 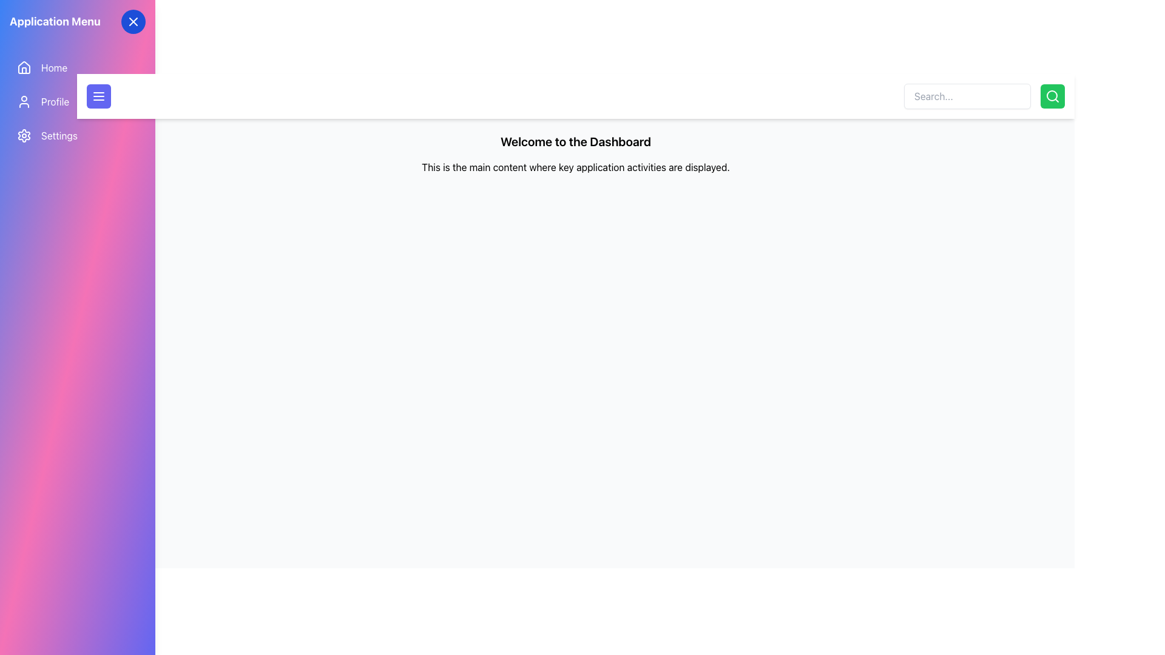 What do you see at coordinates (1052, 95) in the screenshot?
I see `the green button with rounded corners that contains a white search icon` at bounding box center [1052, 95].